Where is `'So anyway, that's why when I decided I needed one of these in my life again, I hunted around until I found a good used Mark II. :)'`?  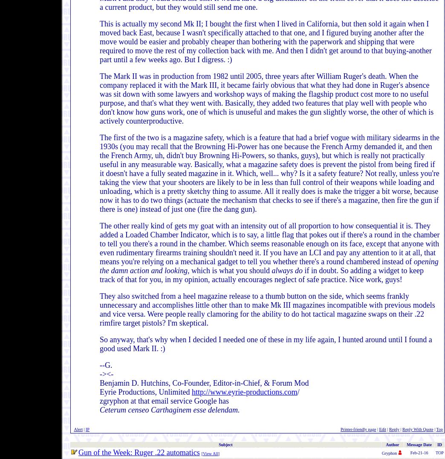
'So anyway, that's why when I decided I needed one of these in my life again, I hunted around until I found a good used Mark II. :)' is located at coordinates (266, 344).